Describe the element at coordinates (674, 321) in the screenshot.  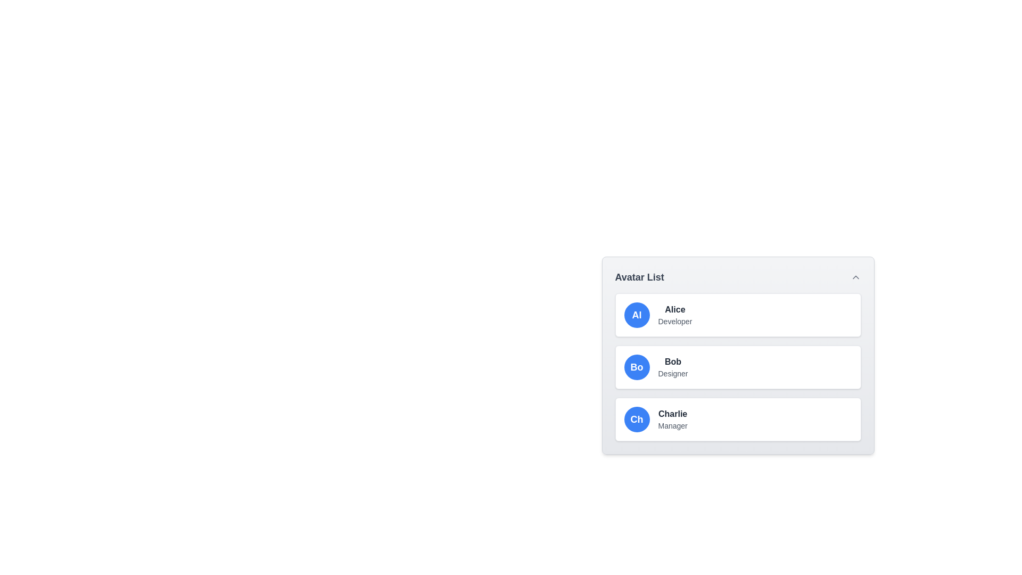
I see `text label displaying 'Developer', which is styled in gray and located below the name 'Alice'` at that location.